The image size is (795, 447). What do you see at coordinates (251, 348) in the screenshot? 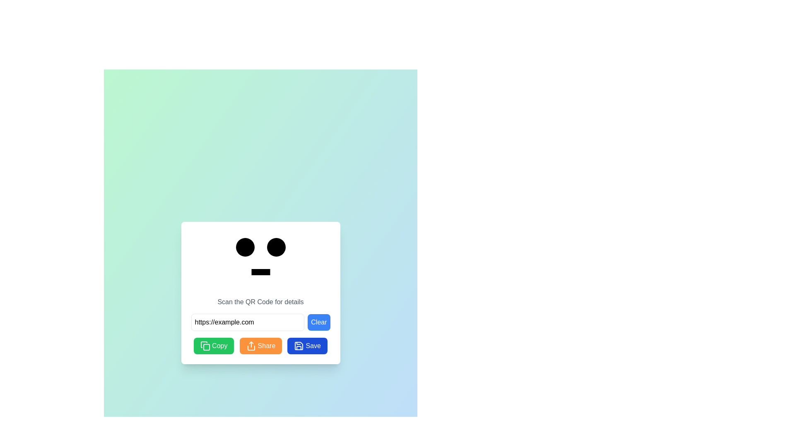
I see `the socket-shaped graphical element with a thin black outline located in the bottom-right section of the modal` at bounding box center [251, 348].